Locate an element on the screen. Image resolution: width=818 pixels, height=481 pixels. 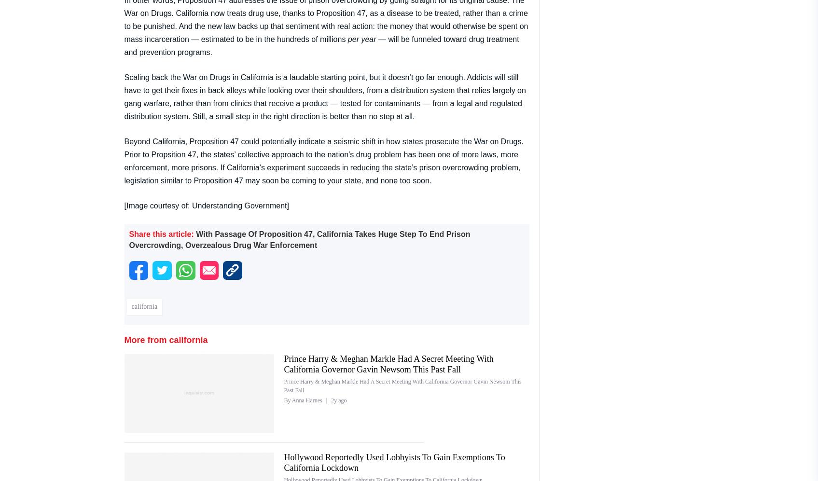
'More from california' is located at coordinates (165, 339).